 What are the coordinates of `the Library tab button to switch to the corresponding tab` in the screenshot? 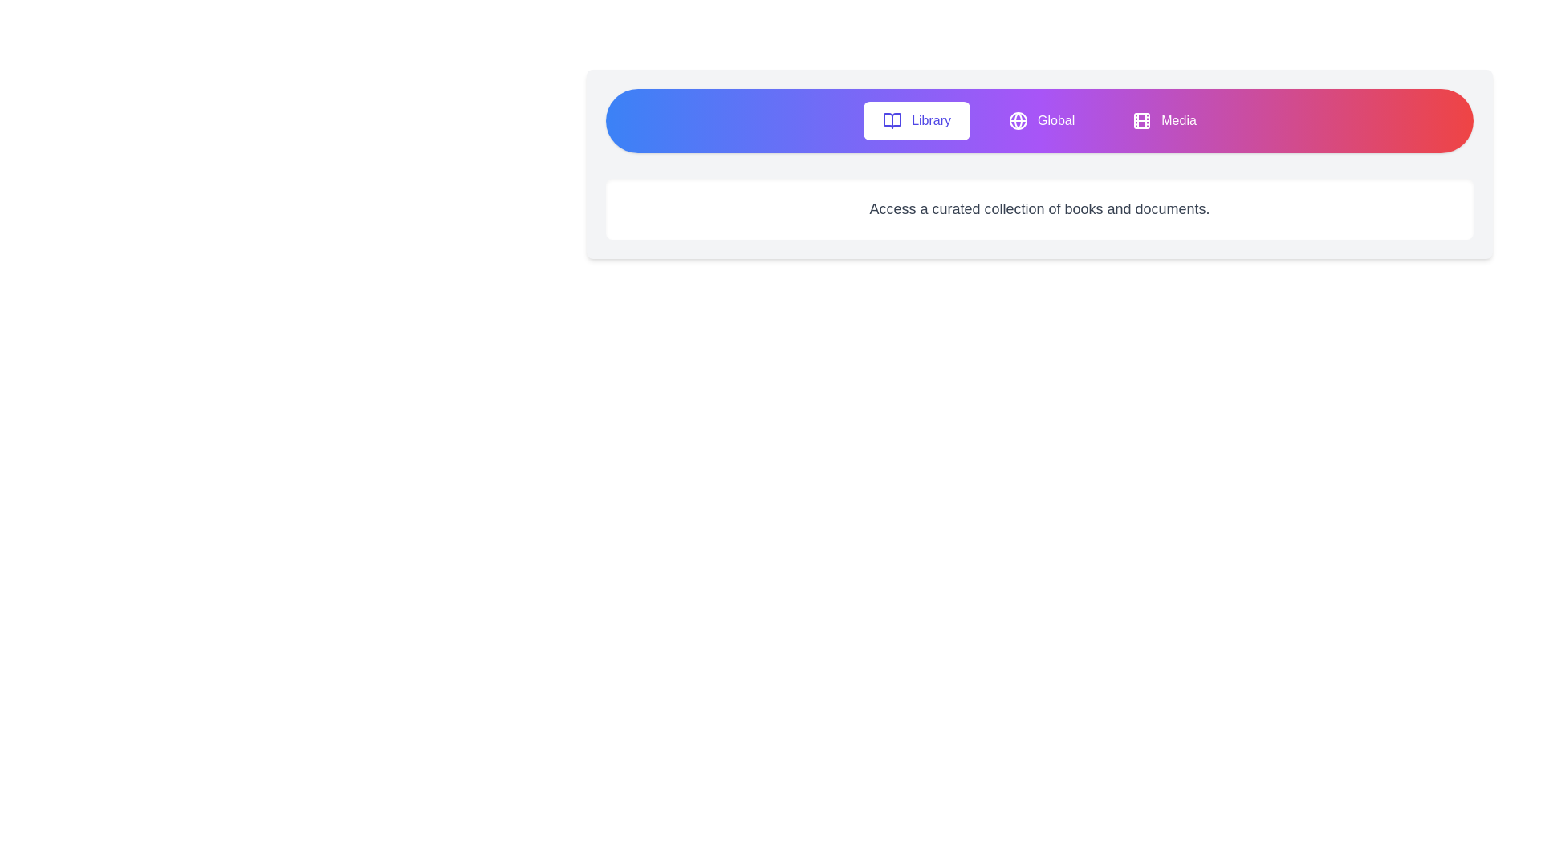 It's located at (917, 119).